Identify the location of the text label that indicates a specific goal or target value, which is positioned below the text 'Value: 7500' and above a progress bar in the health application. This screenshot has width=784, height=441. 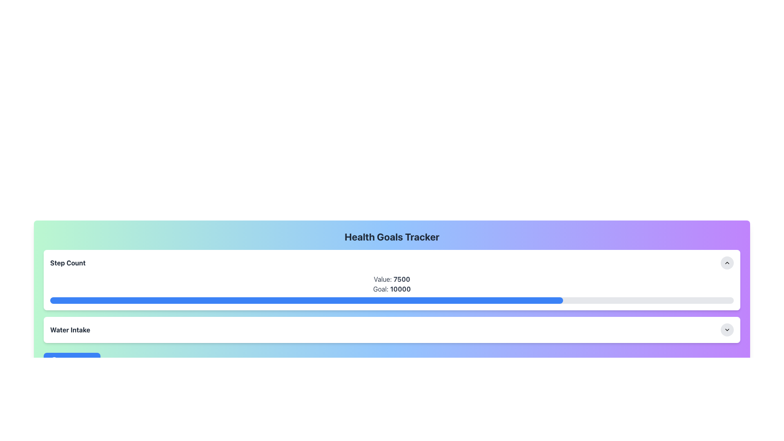
(392, 289).